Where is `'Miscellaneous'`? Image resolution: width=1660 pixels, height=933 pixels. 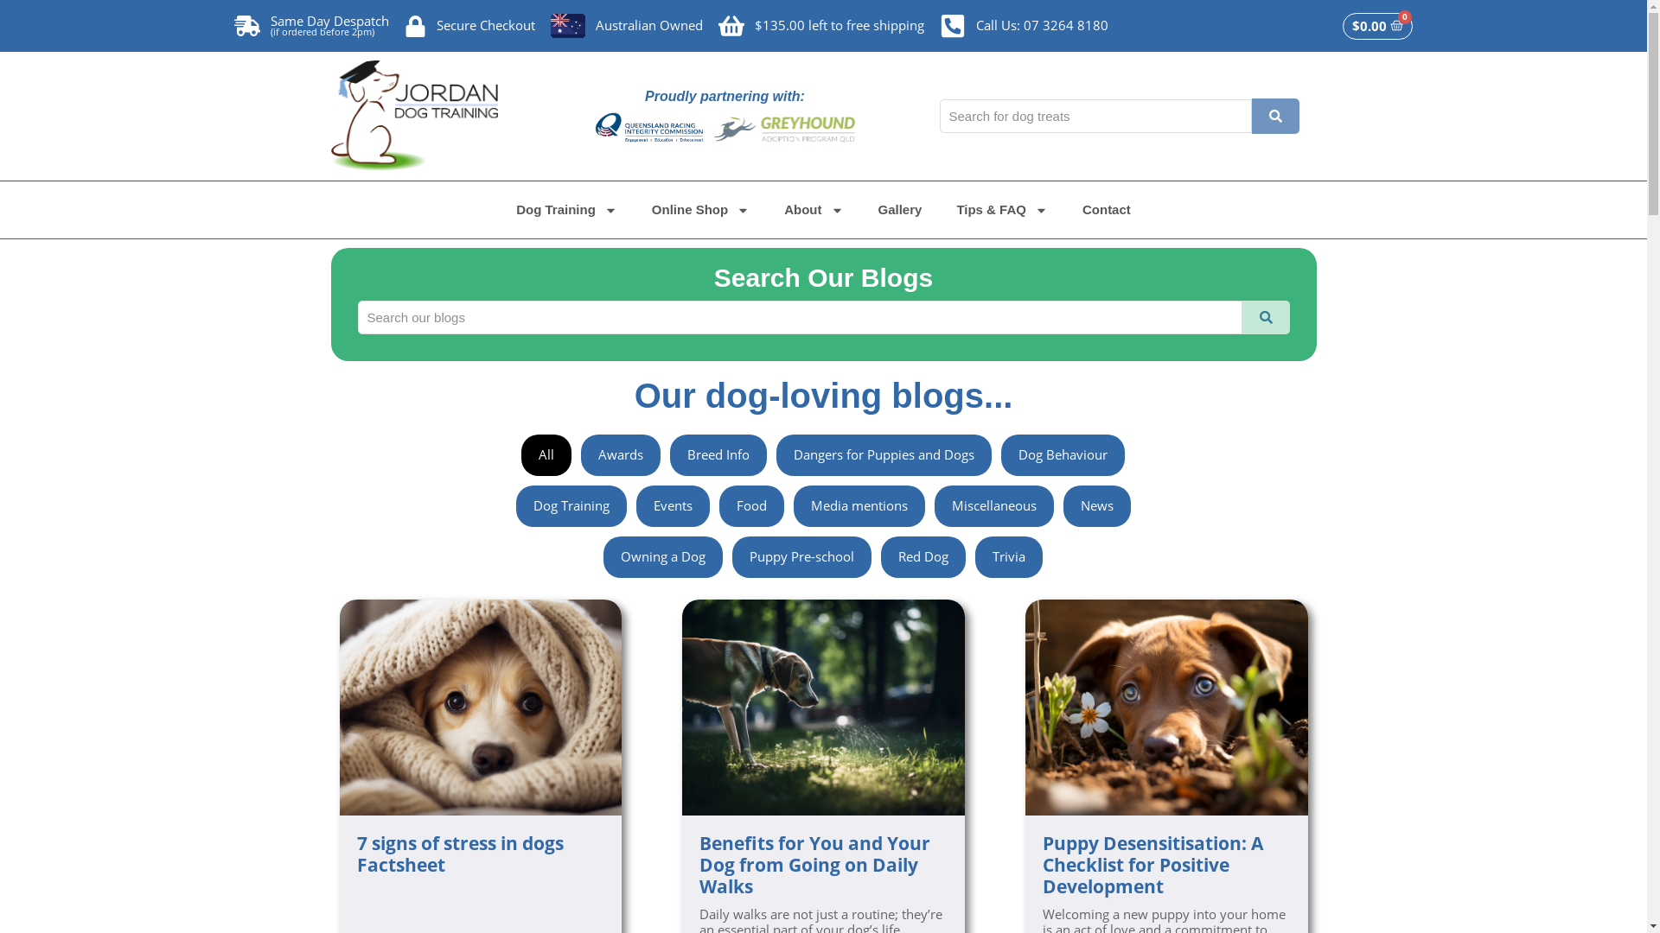
'Miscellaneous' is located at coordinates (994, 505).